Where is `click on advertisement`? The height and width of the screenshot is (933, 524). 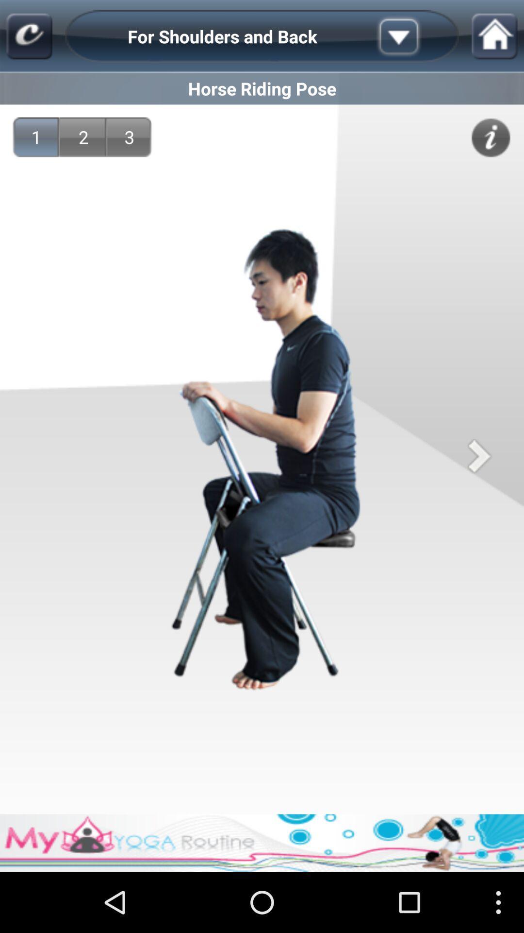 click on advertisement is located at coordinates (262, 842).